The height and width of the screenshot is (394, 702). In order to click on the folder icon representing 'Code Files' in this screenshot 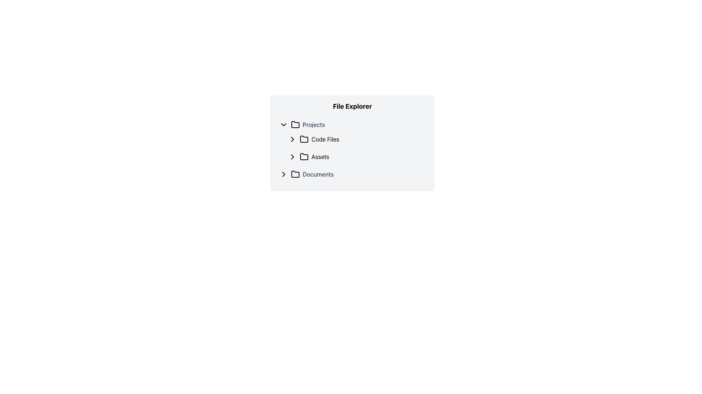, I will do `click(304, 139)`.